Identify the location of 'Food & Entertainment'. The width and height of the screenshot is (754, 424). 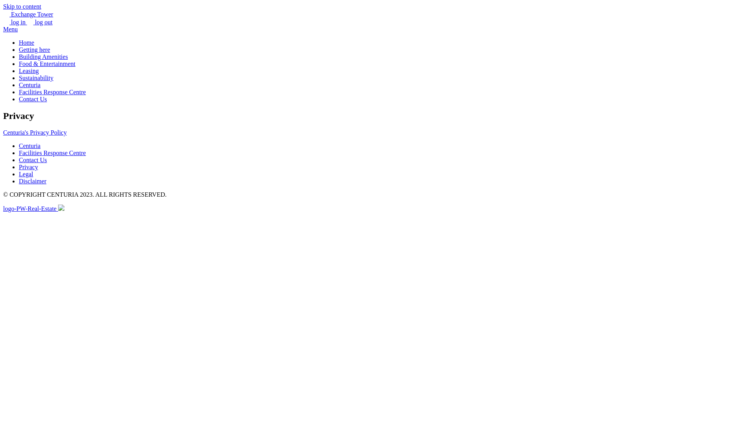
(47, 63).